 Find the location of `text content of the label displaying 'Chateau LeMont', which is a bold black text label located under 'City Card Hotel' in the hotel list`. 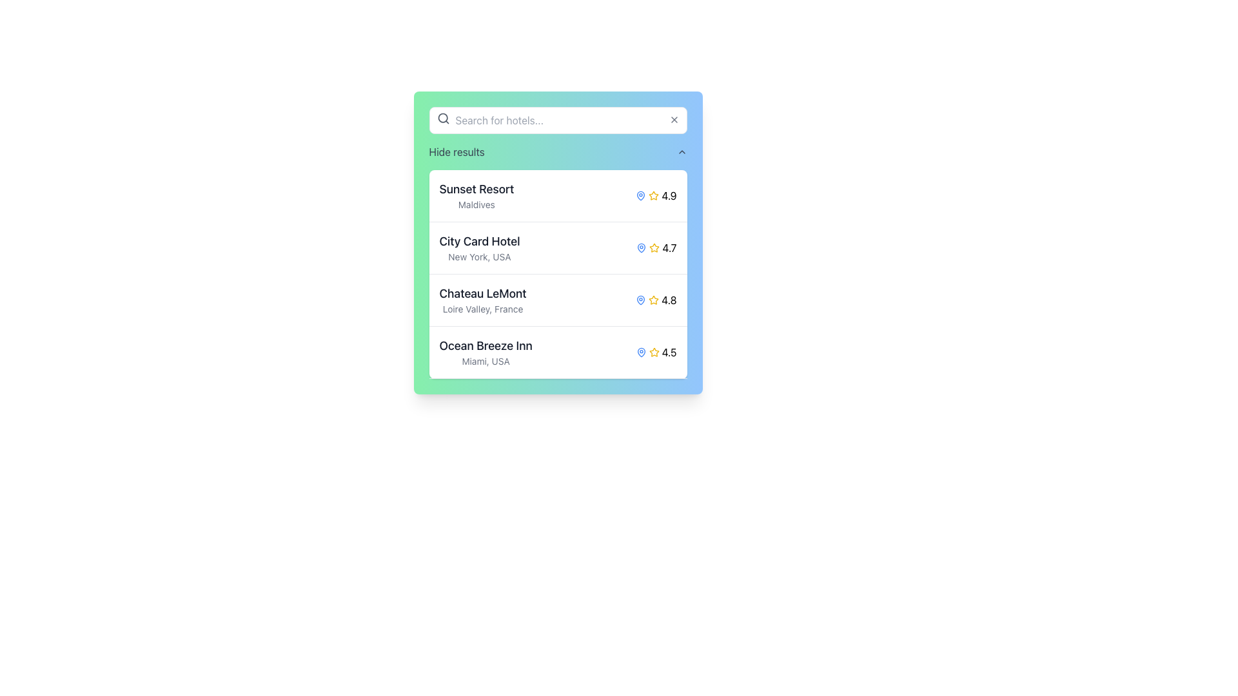

text content of the label displaying 'Chateau LeMont', which is a bold black text label located under 'City Card Hotel' in the hotel list is located at coordinates (482, 293).